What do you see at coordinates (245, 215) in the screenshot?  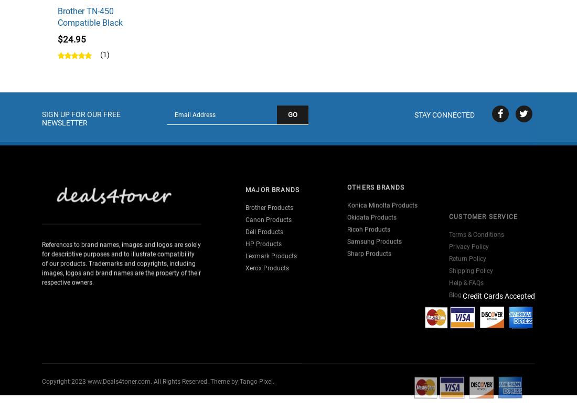 I see `'Dell Products'` at bounding box center [245, 215].